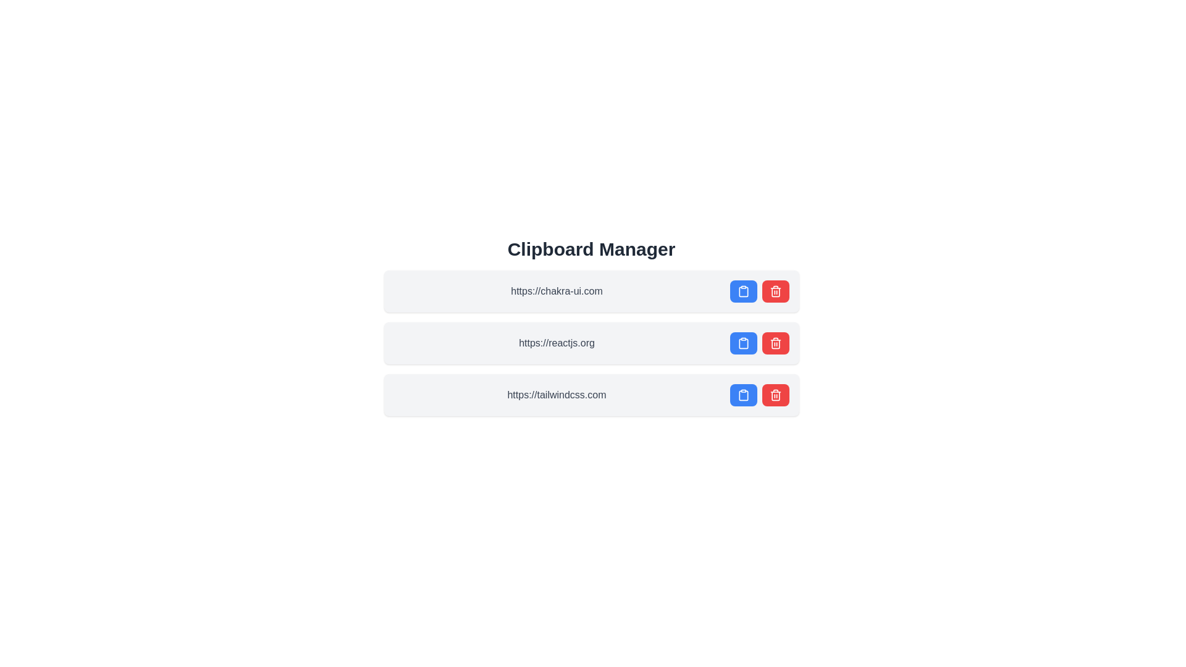 Image resolution: width=1186 pixels, height=667 pixels. I want to click on the first blue button that functions as a copy button for the URL 'https://chakra-ui.com', located in the topmost entry of a vertically-stacked list of entries, so click(742, 291).